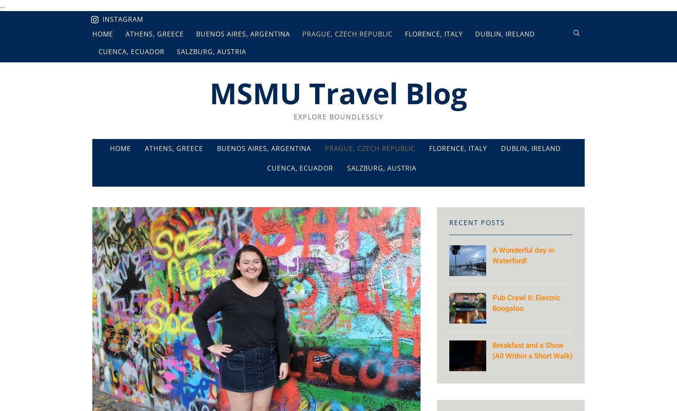 The width and height of the screenshot is (677, 411). I want to click on 'Home', so click(120, 148).